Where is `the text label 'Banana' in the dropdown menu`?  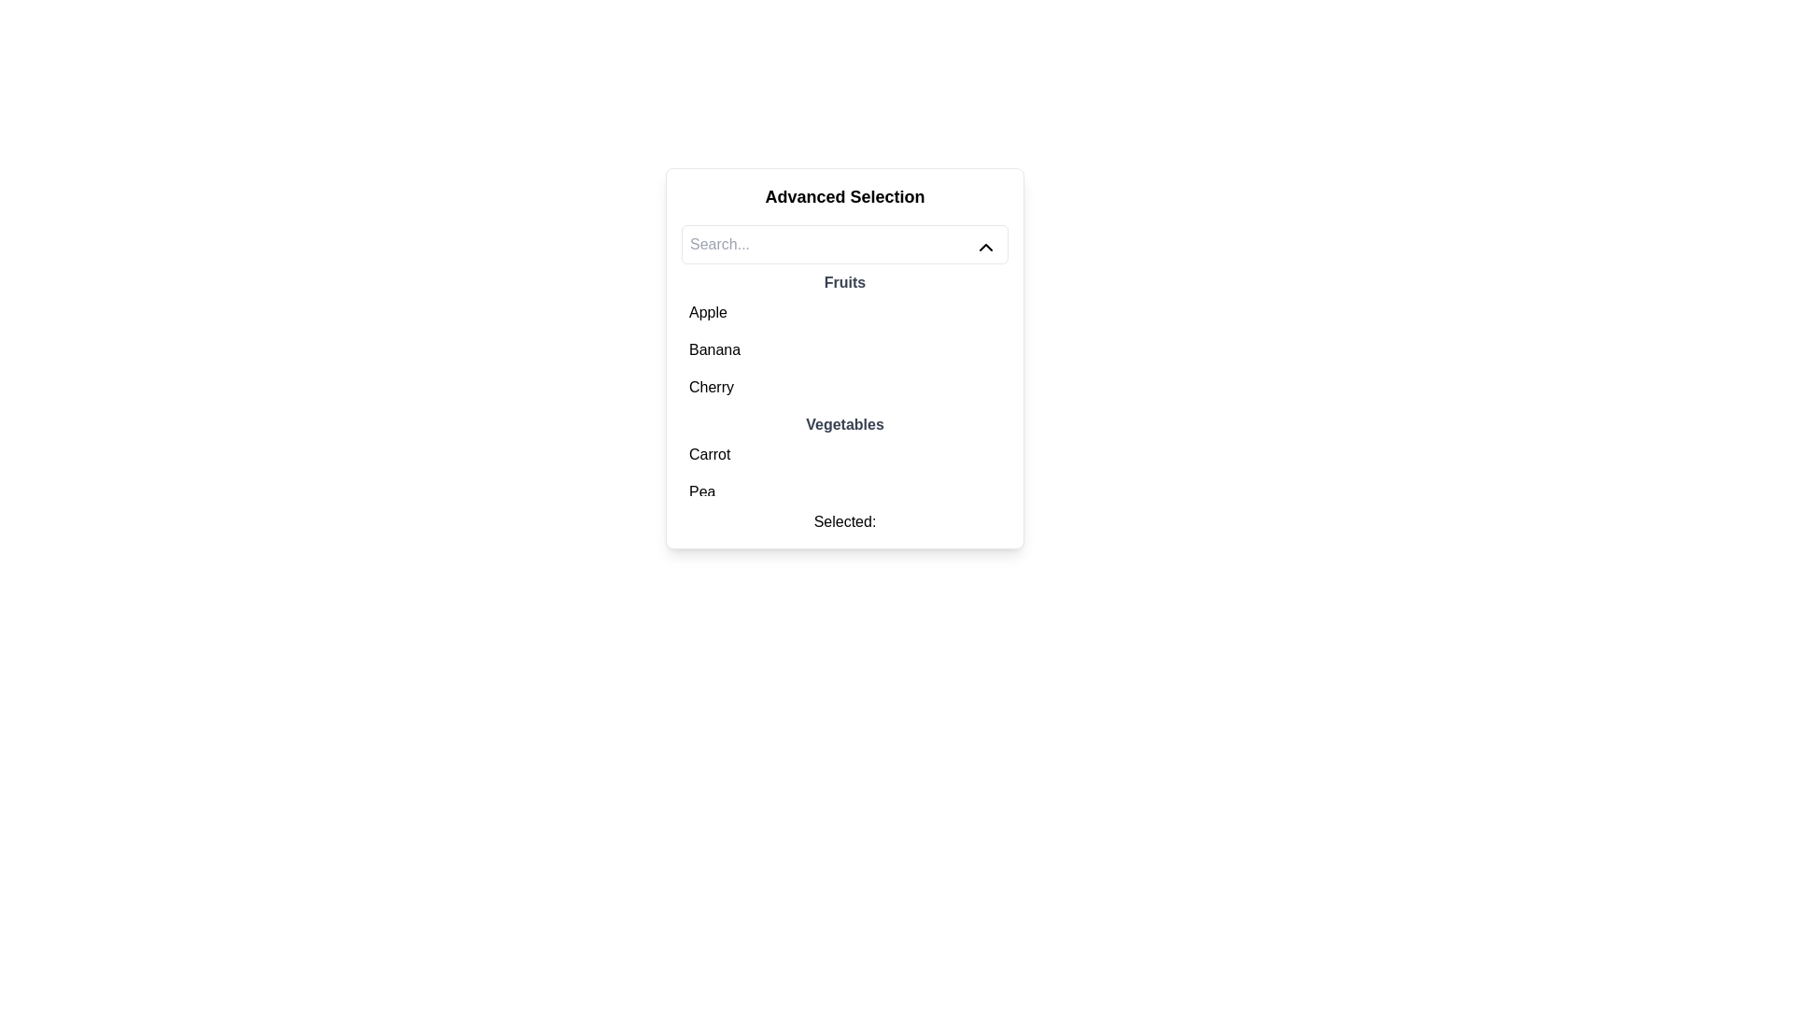
the text label 'Banana' in the dropdown menu is located at coordinates (713, 349).